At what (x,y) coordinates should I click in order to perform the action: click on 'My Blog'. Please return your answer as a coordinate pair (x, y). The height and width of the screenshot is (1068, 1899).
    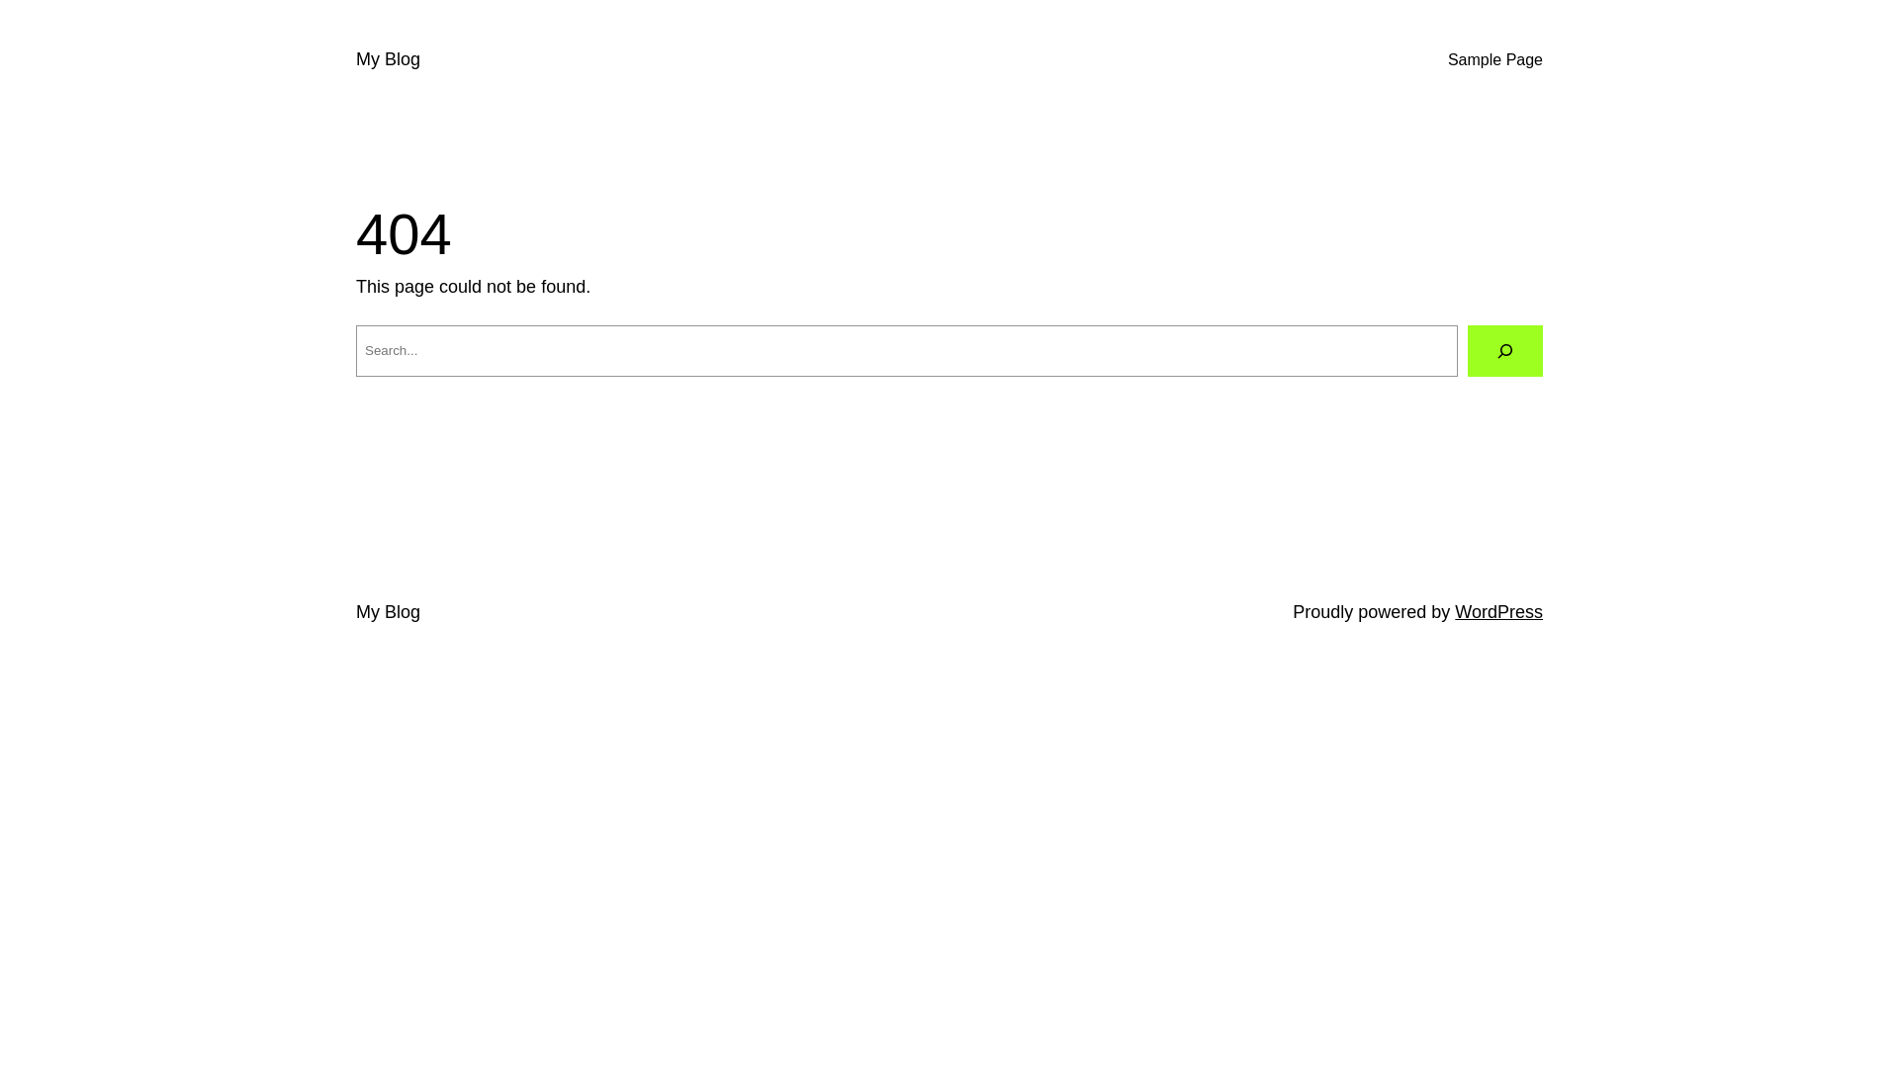
    Looking at the image, I should click on (388, 610).